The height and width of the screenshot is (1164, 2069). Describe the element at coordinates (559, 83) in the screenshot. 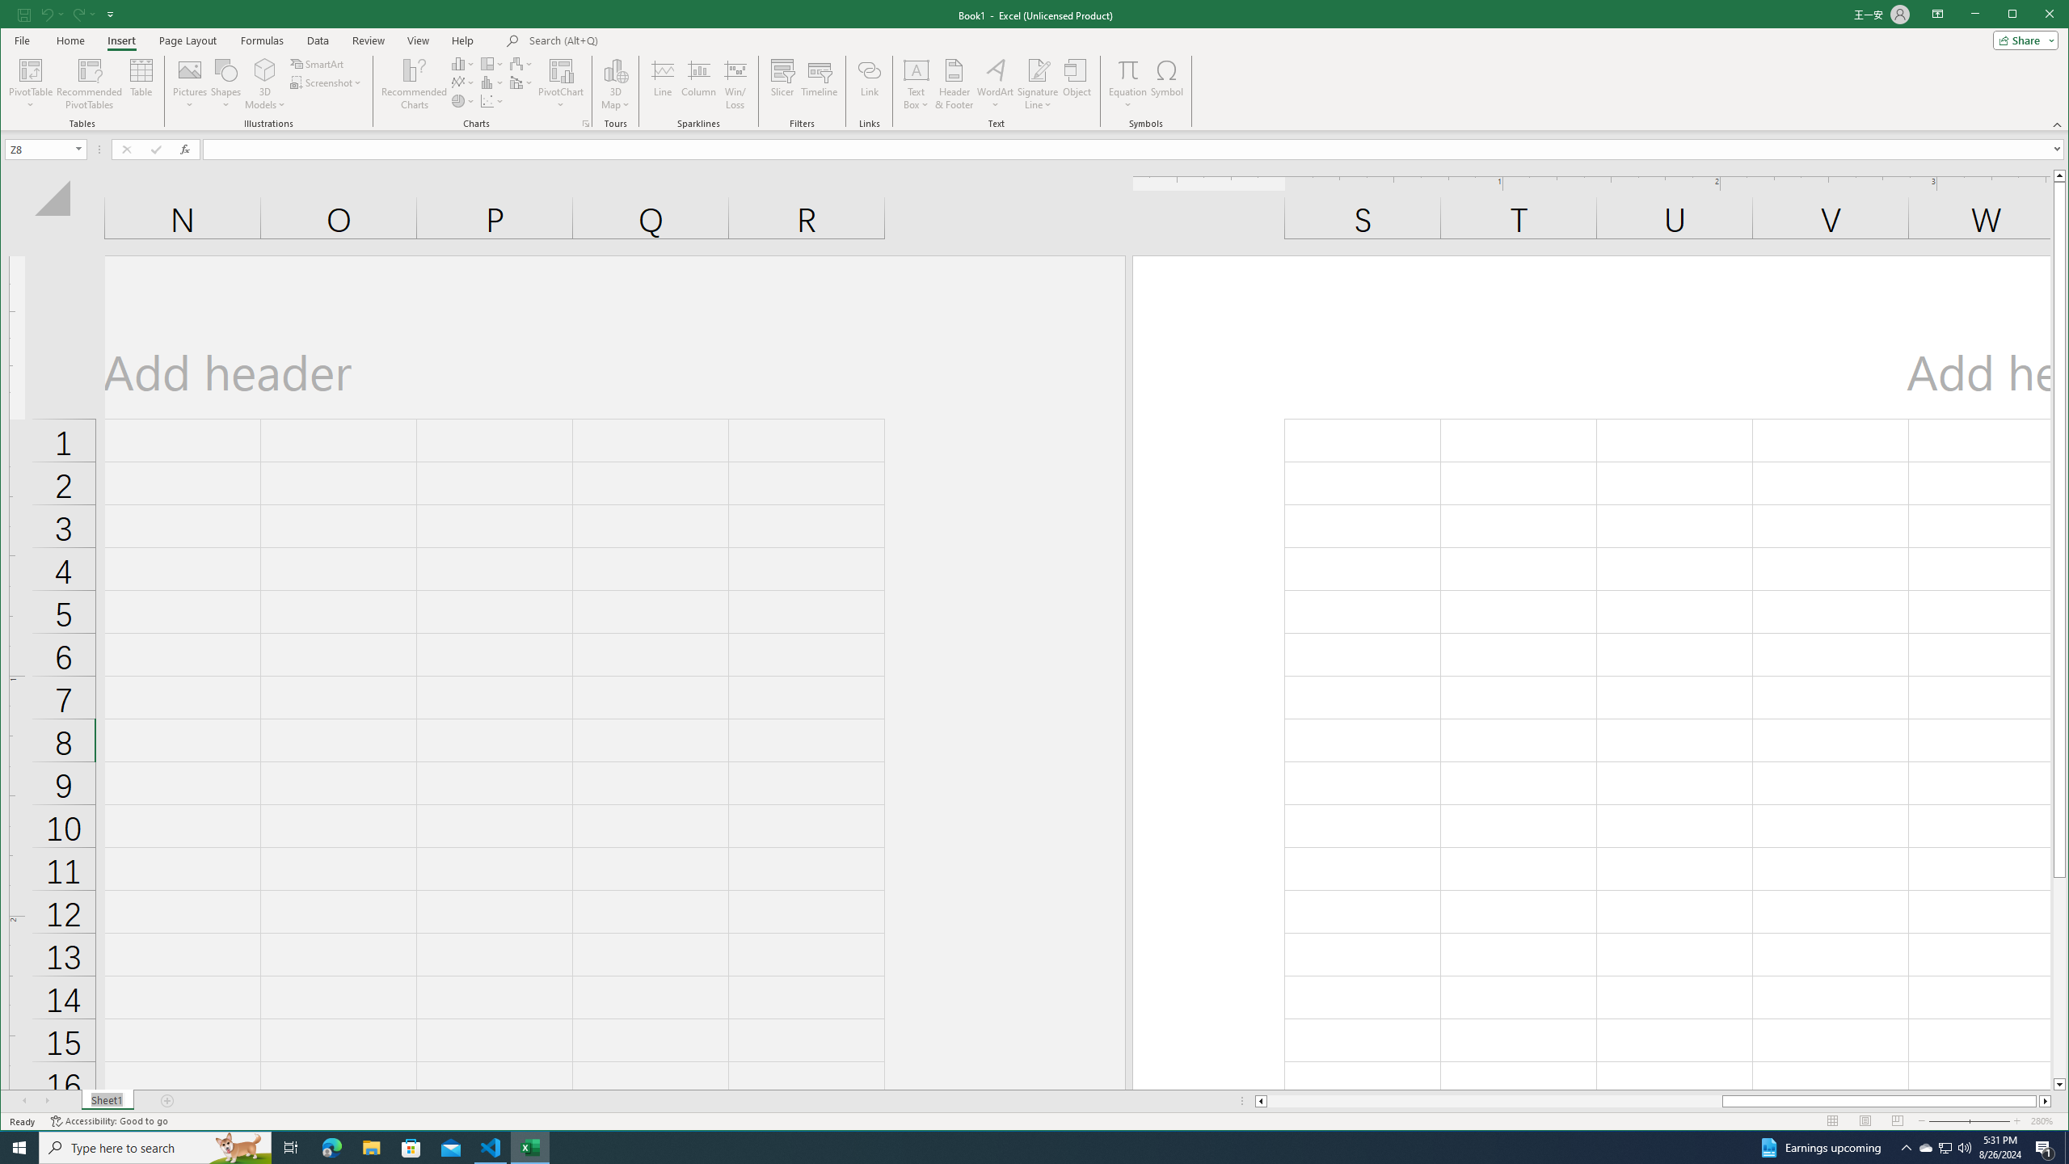

I see `'PivotChart'` at that location.